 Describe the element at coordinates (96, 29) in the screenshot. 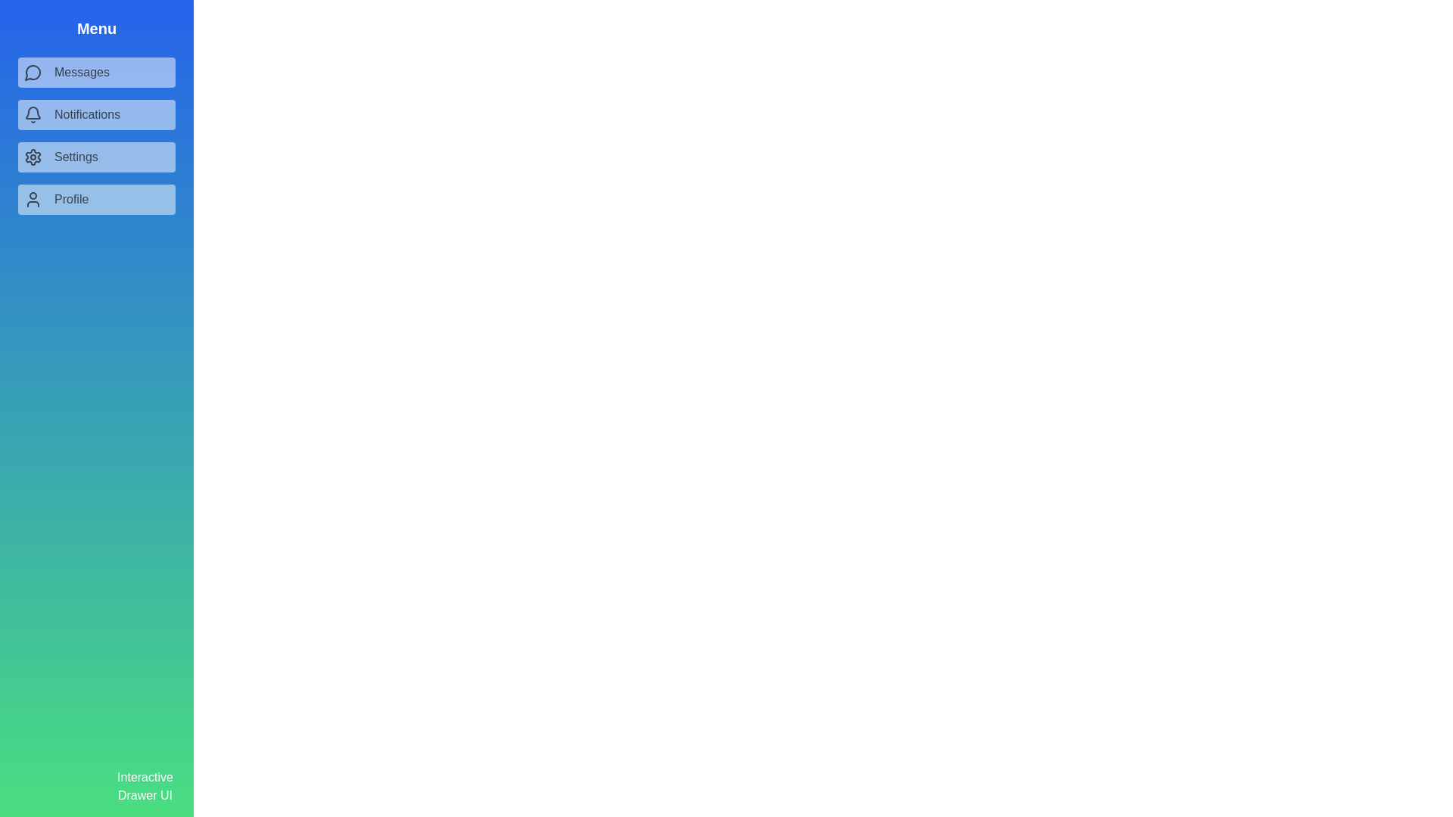

I see `the 'Menu' header text to focus or highlight it` at that location.